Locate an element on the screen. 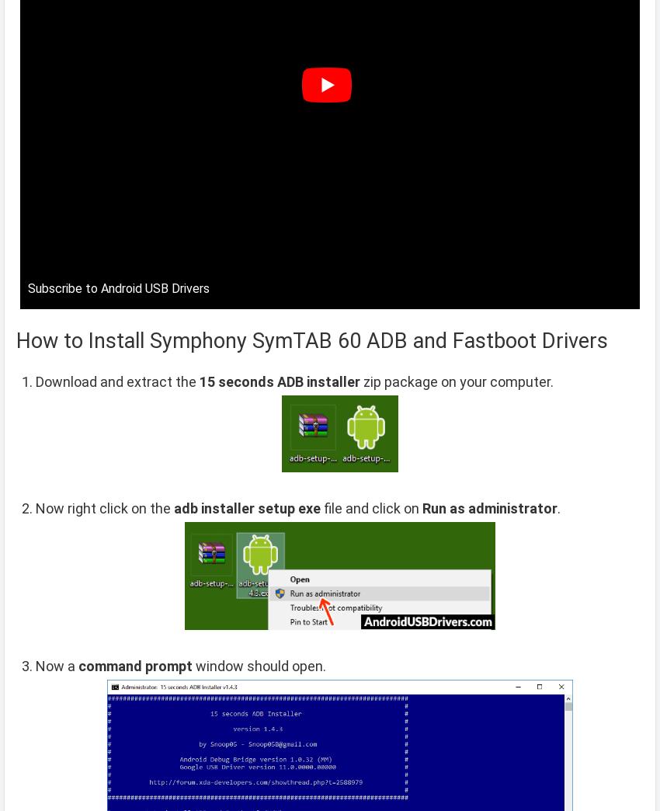  'Subscribe to Android USB Drivers' is located at coordinates (119, 288).